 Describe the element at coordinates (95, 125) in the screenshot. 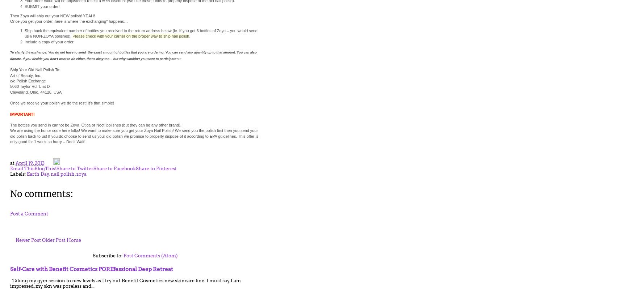

I see `'The bottles you send in cannot be Zoya, Qtica or Nocti polishes (but they can be any other brand).'` at that location.